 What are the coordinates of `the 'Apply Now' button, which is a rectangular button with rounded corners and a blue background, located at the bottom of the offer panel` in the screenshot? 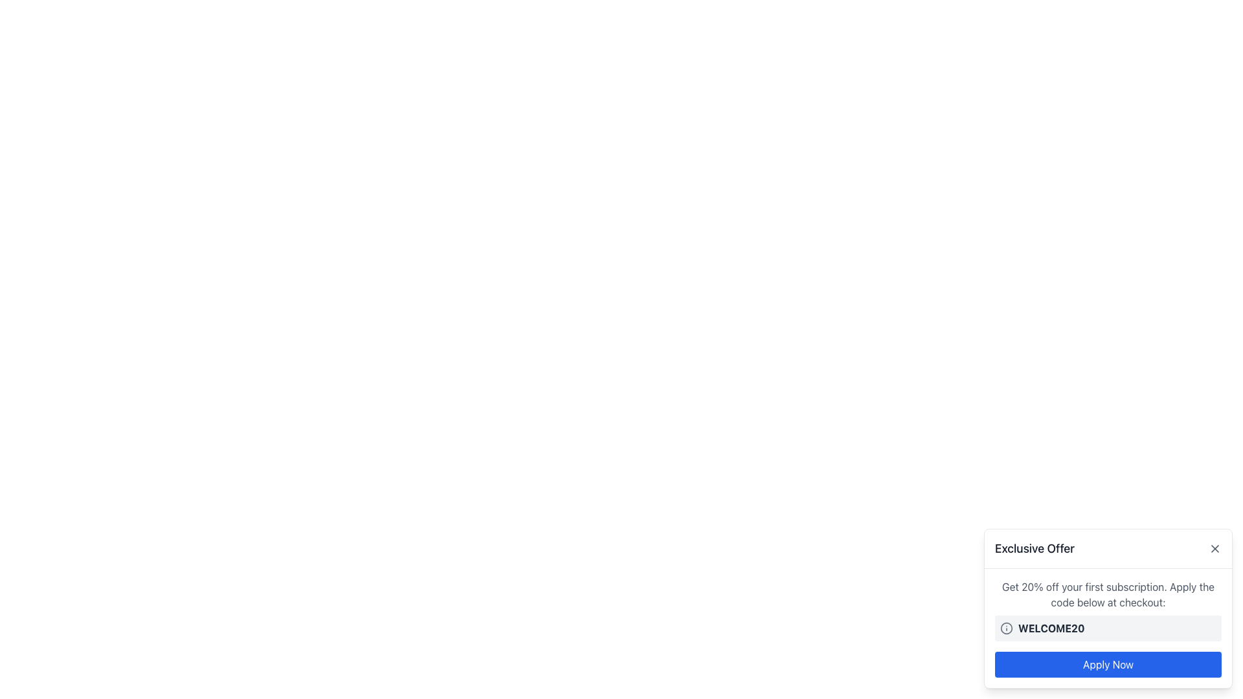 It's located at (1108, 664).